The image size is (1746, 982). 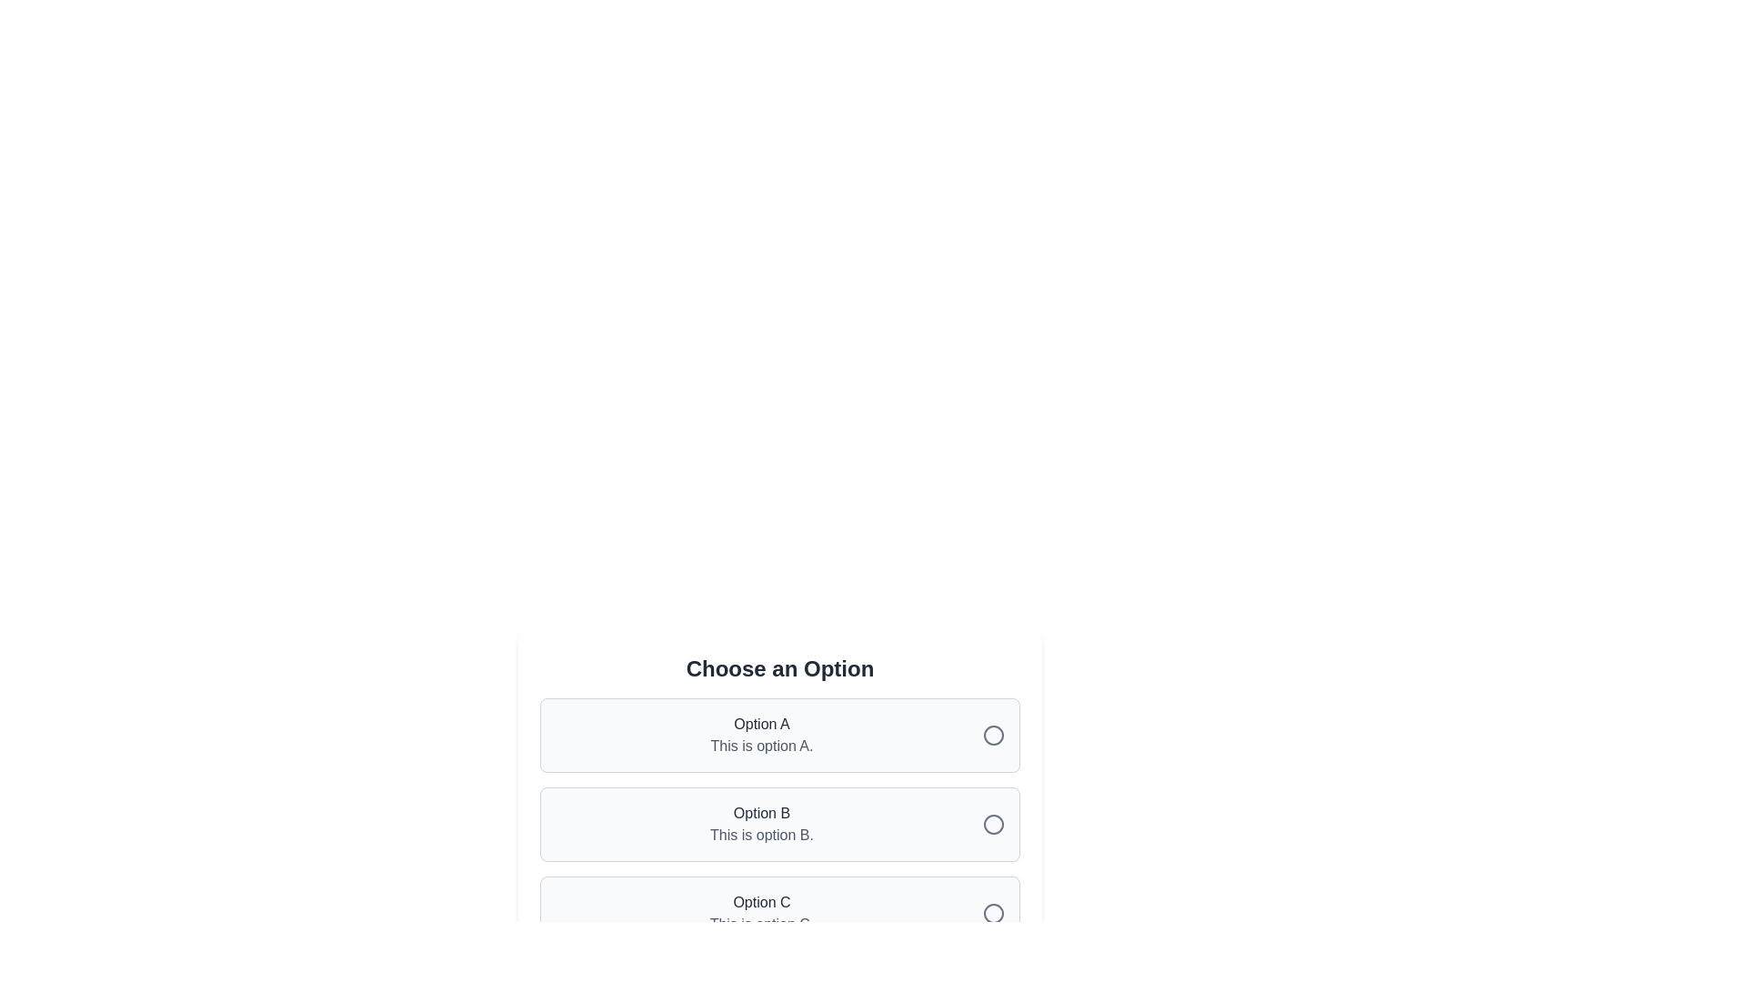 I want to click on the Text Label displaying 'Option C' which is the third option in a vertically aligned list of selectable items, so click(x=762, y=914).